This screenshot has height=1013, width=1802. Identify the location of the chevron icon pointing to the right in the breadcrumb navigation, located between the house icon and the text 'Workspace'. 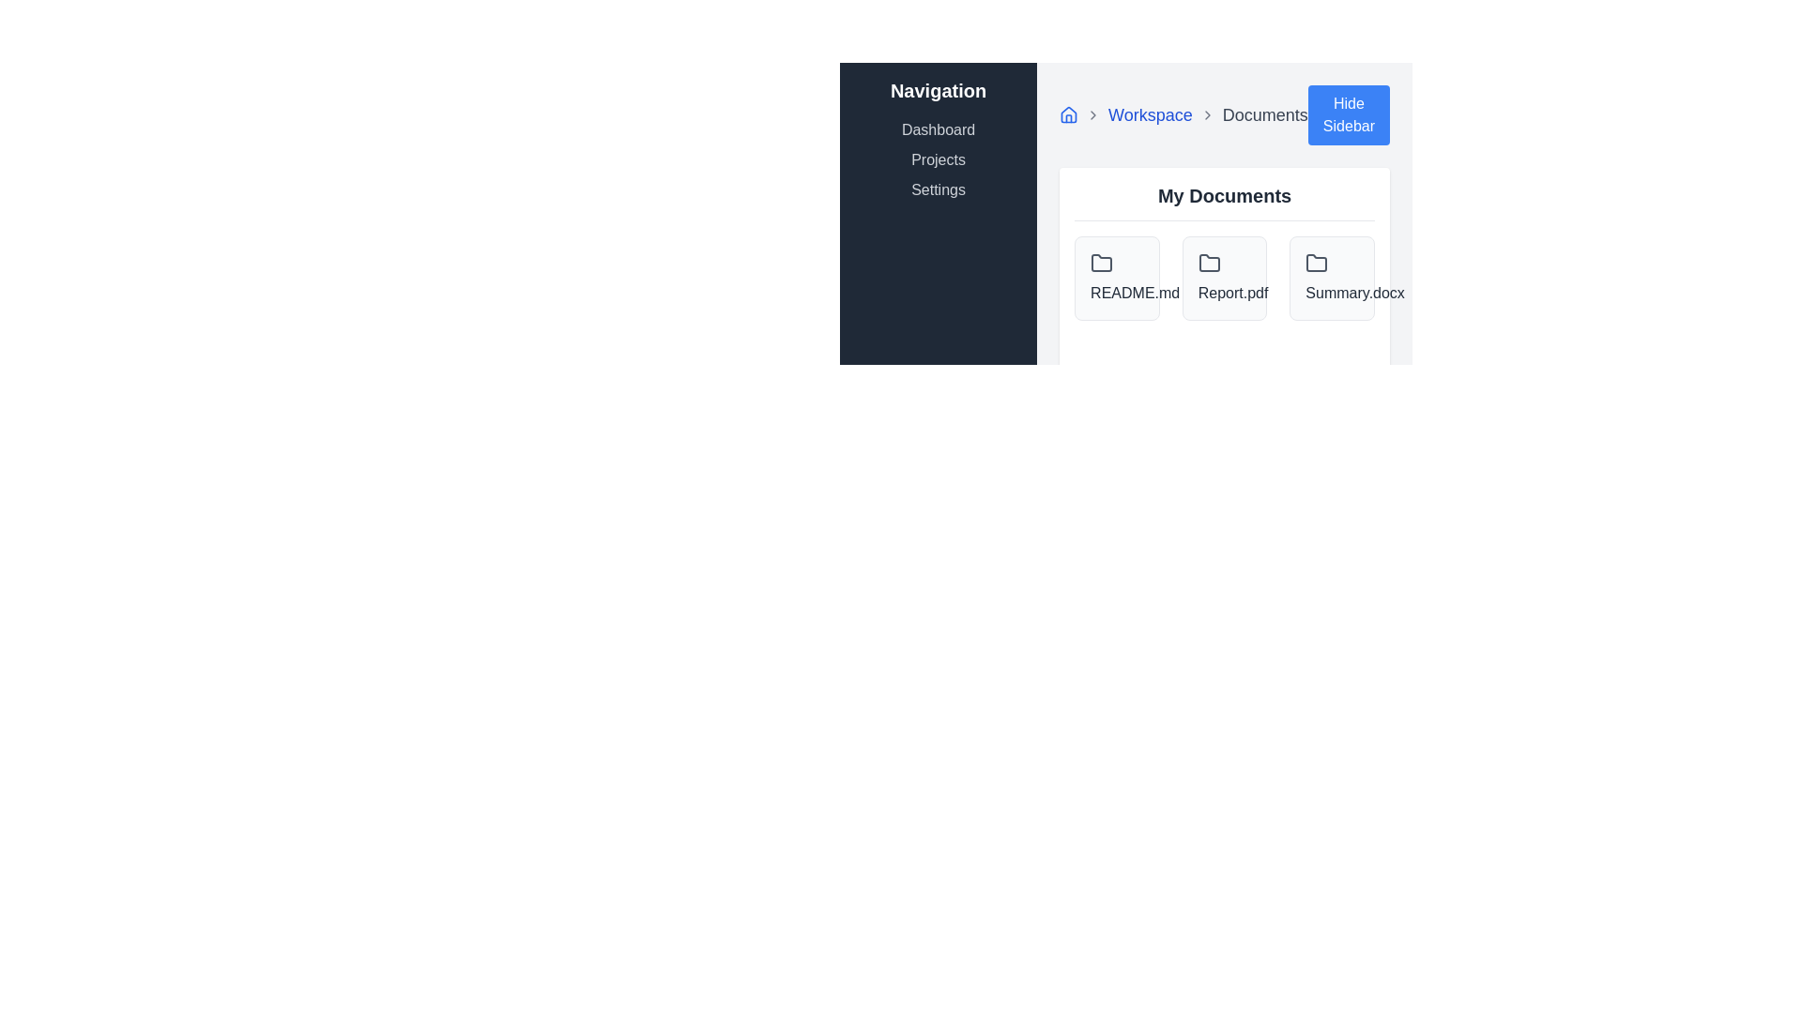
(1093, 115).